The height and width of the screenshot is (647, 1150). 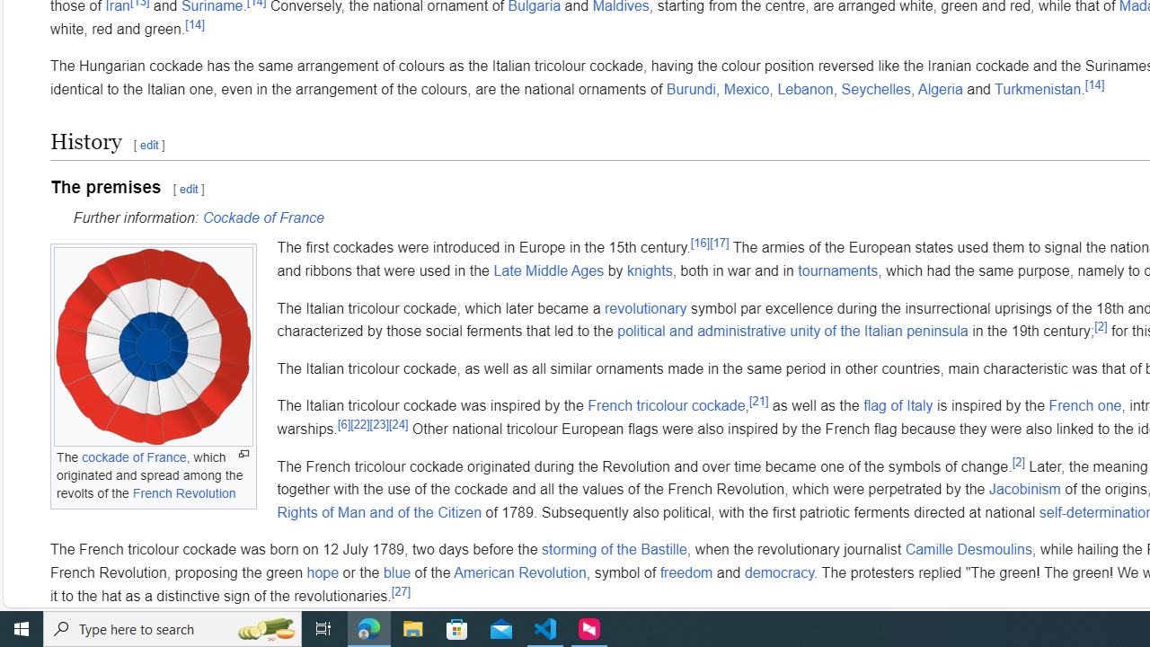 I want to click on 'democracy', so click(x=779, y=572).